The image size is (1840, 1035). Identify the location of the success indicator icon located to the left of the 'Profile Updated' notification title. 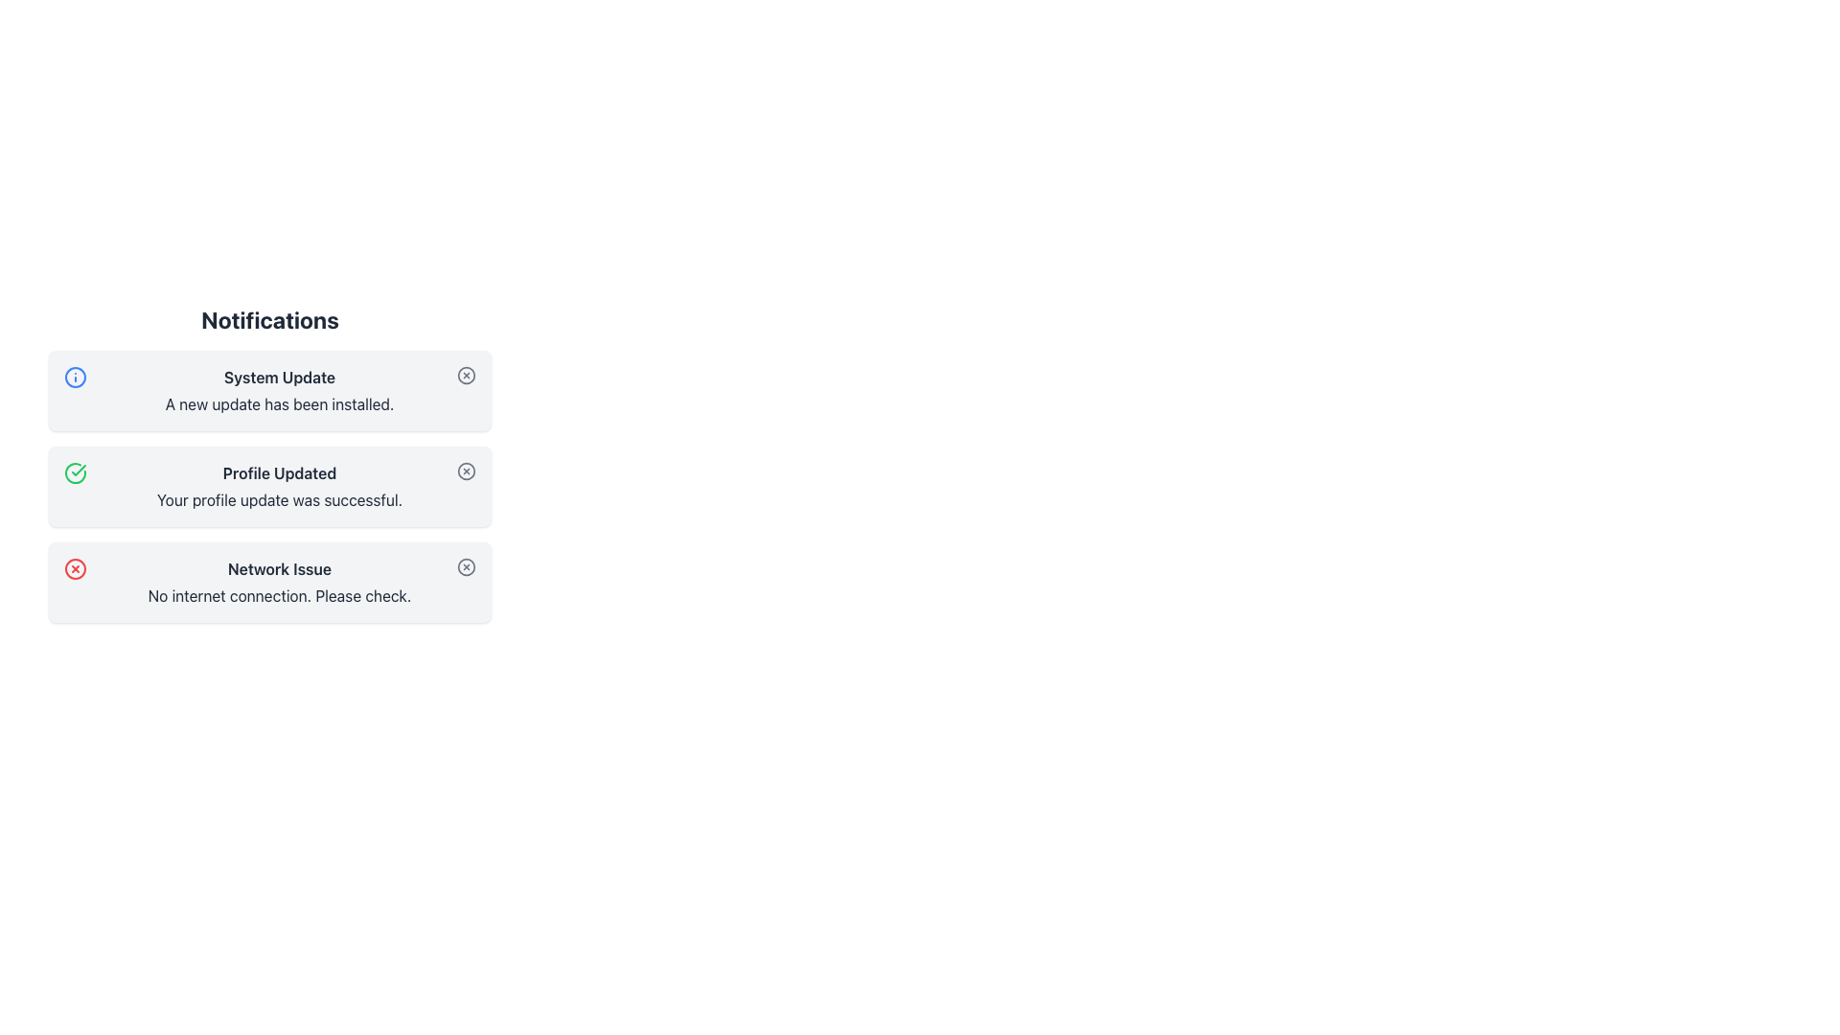
(78, 470).